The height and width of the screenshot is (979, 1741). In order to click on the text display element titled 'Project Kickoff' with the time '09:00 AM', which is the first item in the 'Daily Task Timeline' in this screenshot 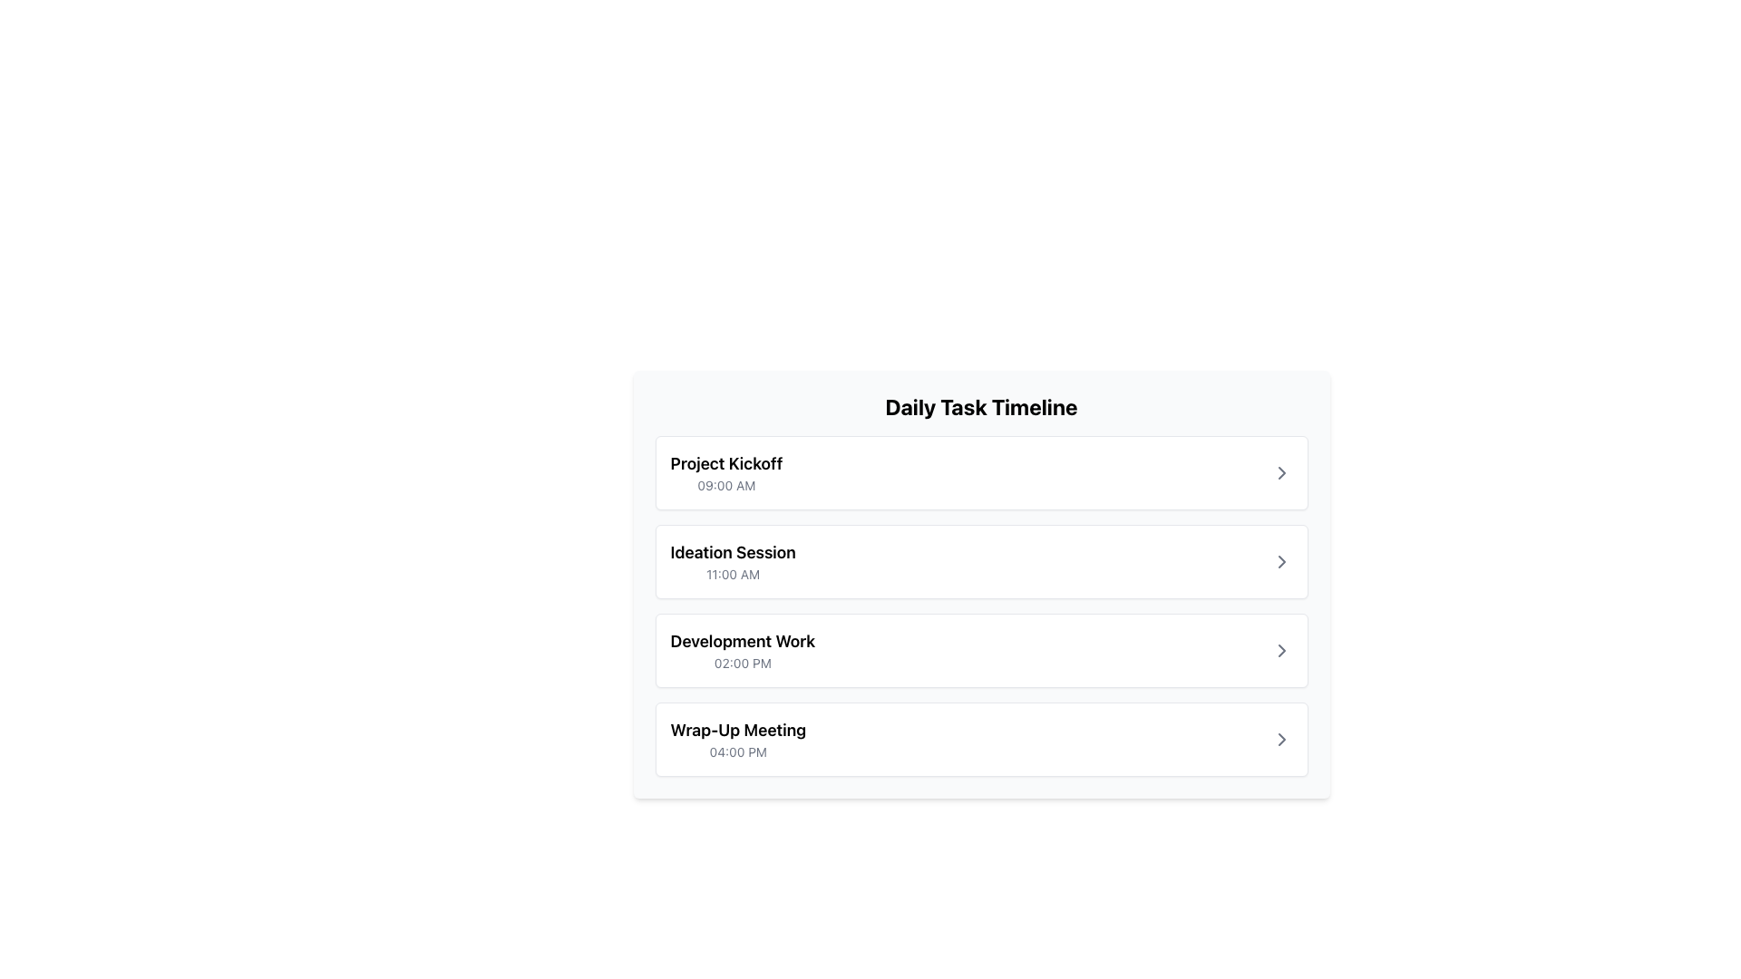, I will do `click(726, 471)`.